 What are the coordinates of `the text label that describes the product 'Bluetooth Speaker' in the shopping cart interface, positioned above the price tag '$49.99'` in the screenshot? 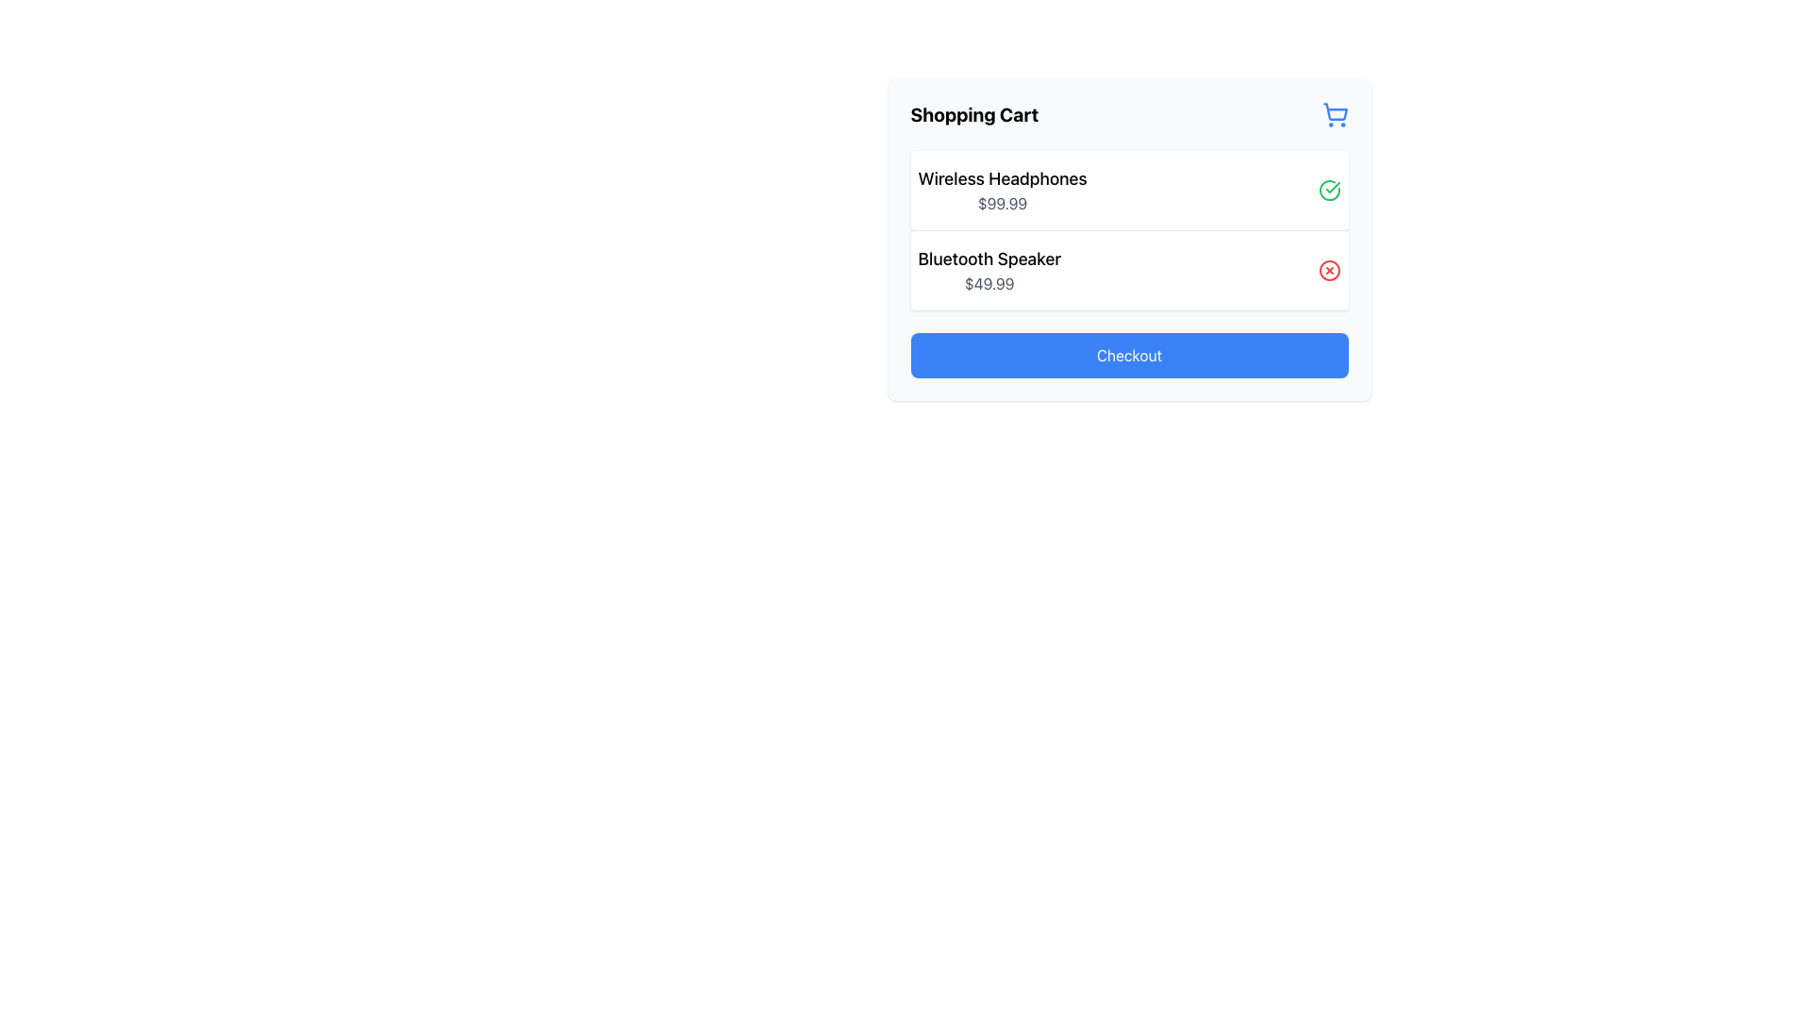 It's located at (989, 259).